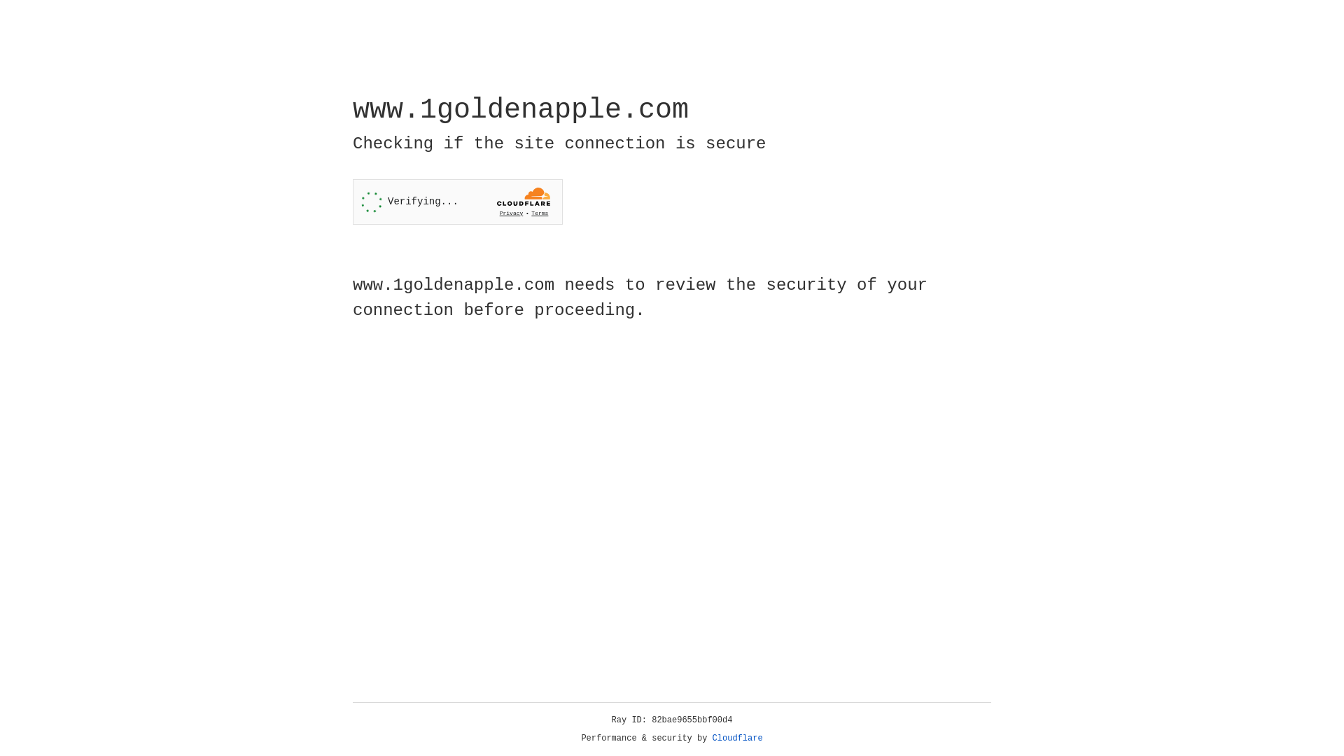 The height and width of the screenshot is (756, 1344). What do you see at coordinates (457, 202) in the screenshot?
I see `'Widget containing a Cloudflare security challenge'` at bounding box center [457, 202].